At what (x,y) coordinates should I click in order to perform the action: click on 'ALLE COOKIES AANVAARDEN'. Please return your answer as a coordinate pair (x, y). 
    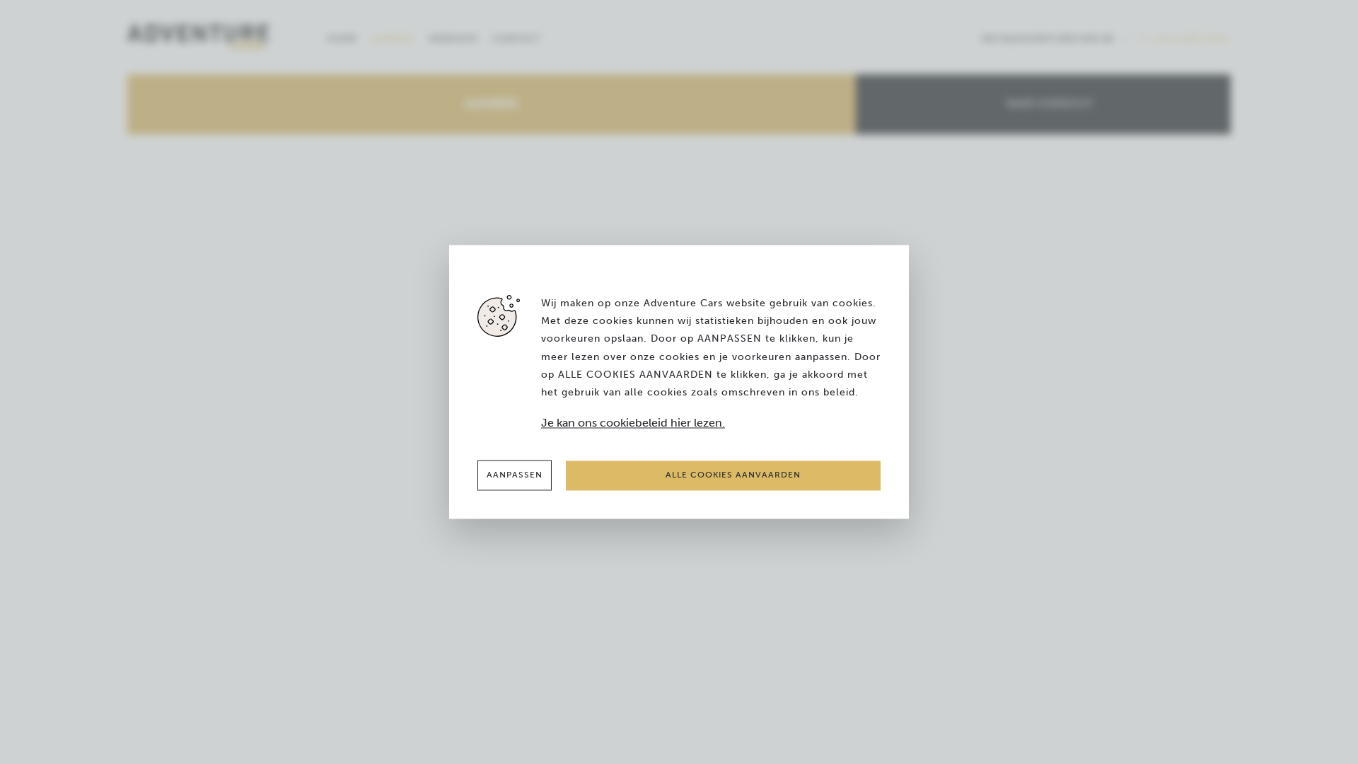
    Looking at the image, I should click on (566, 475).